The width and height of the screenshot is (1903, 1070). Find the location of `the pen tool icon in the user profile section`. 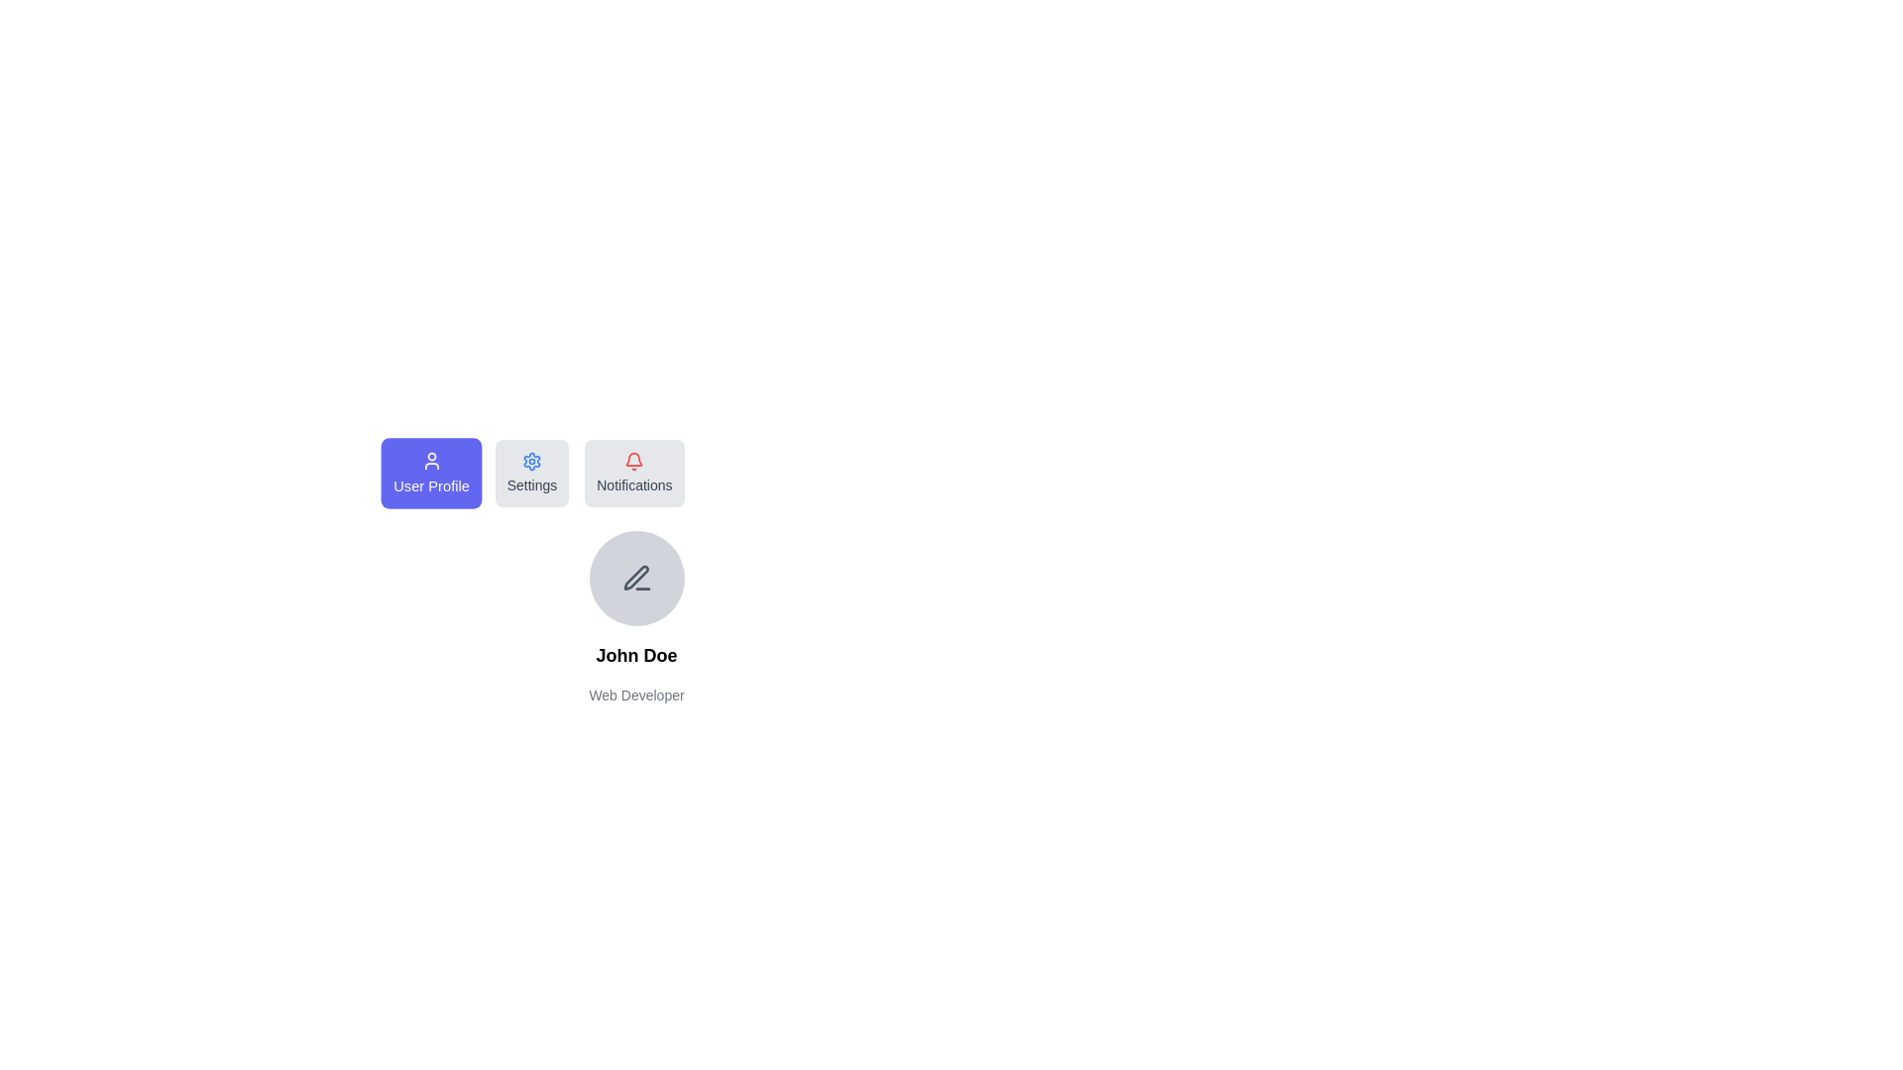

the pen tool icon in the user profile section is located at coordinates (636, 578).